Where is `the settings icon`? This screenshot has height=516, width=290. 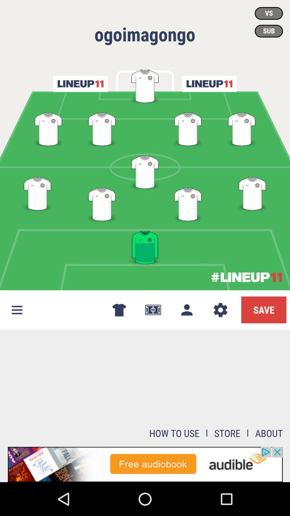 the settings icon is located at coordinates (220, 310).